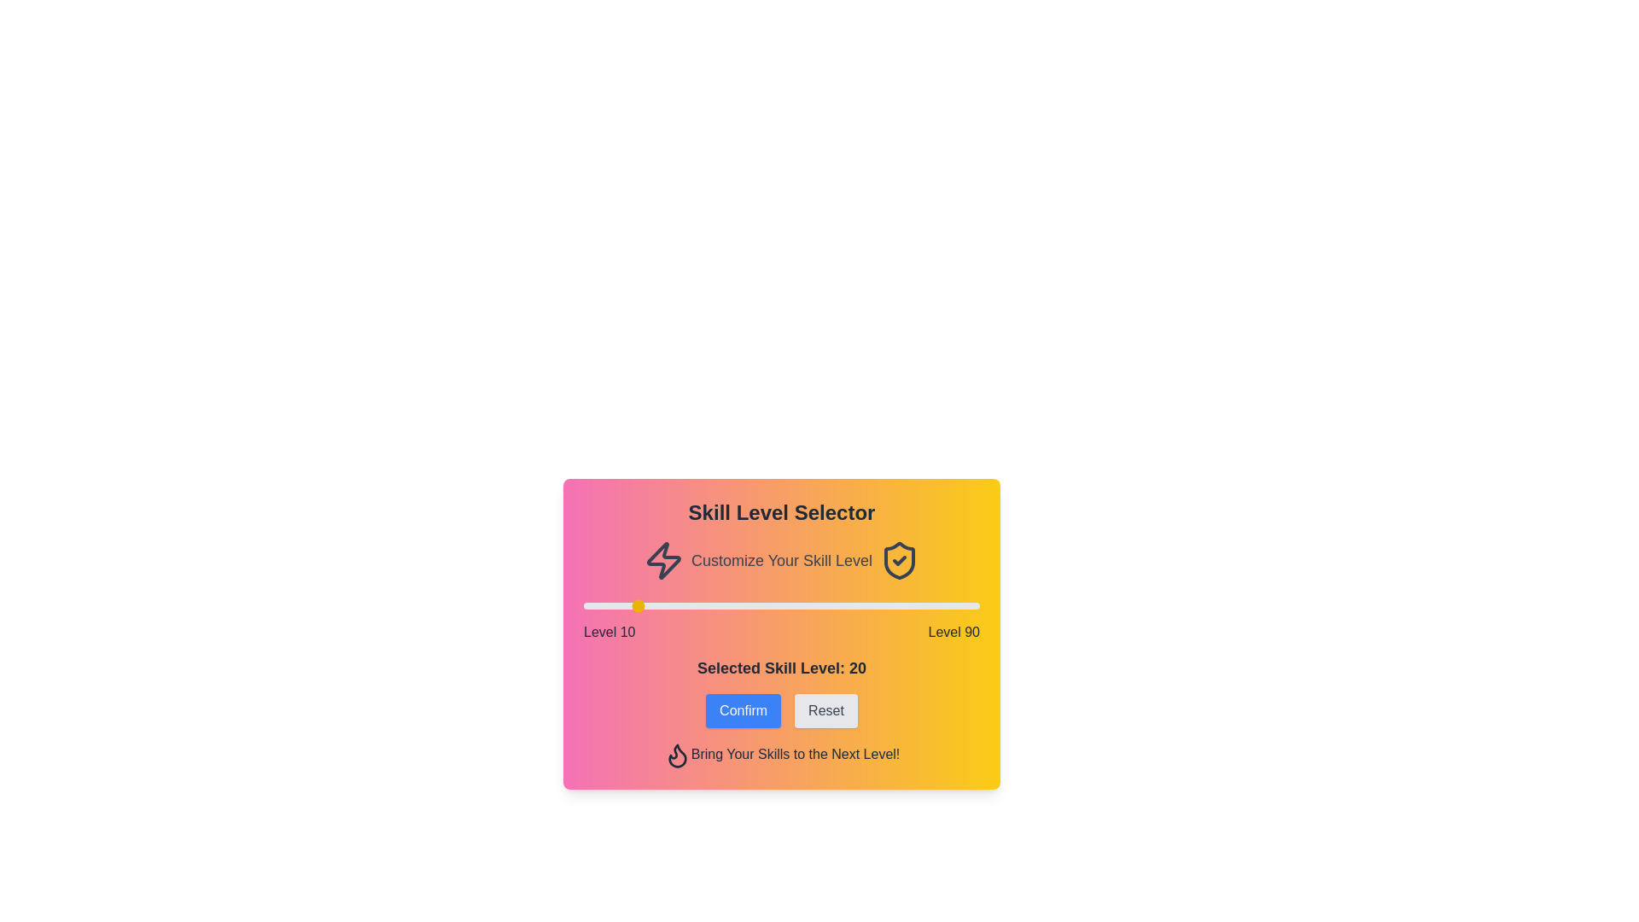  What do you see at coordinates (899, 560) in the screenshot?
I see `the specified icon (ShieldCheck) to trigger its action` at bounding box center [899, 560].